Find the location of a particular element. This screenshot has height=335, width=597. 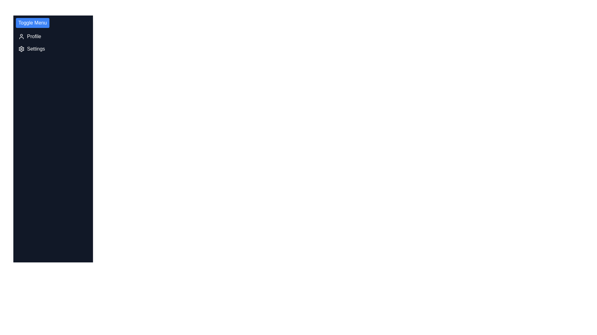

the 'Settings' menu item is located at coordinates (53, 49).